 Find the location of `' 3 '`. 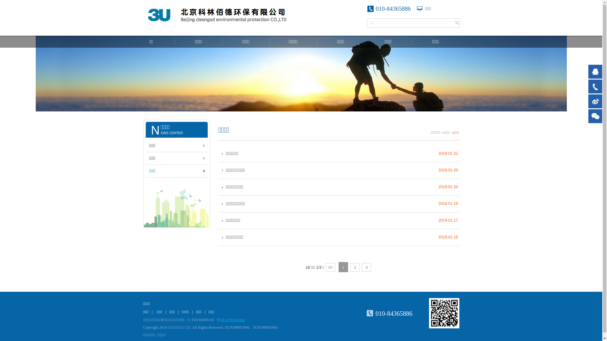

' 3 ' is located at coordinates (362, 267).